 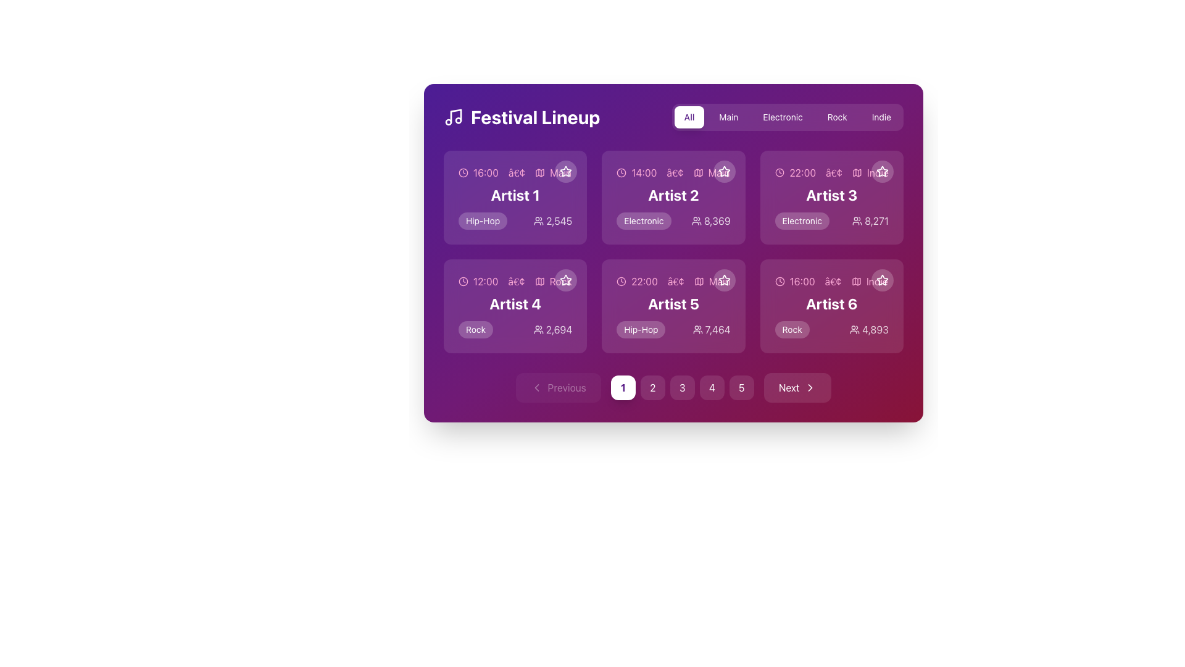 I want to click on the performance information card located in the top-left corner of the grid to interact with its sub-elements, so click(x=515, y=197).